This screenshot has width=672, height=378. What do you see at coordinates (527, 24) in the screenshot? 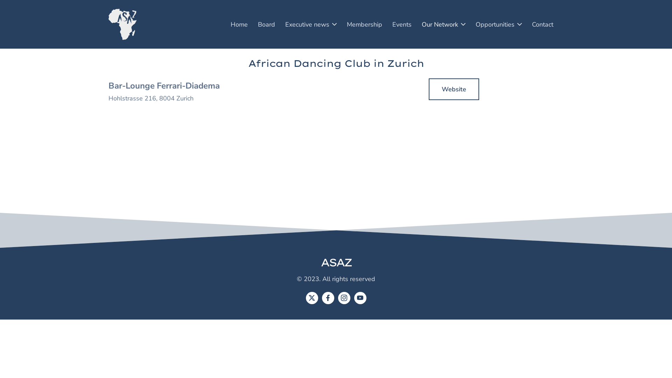
I see `'Contact'` at bounding box center [527, 24].